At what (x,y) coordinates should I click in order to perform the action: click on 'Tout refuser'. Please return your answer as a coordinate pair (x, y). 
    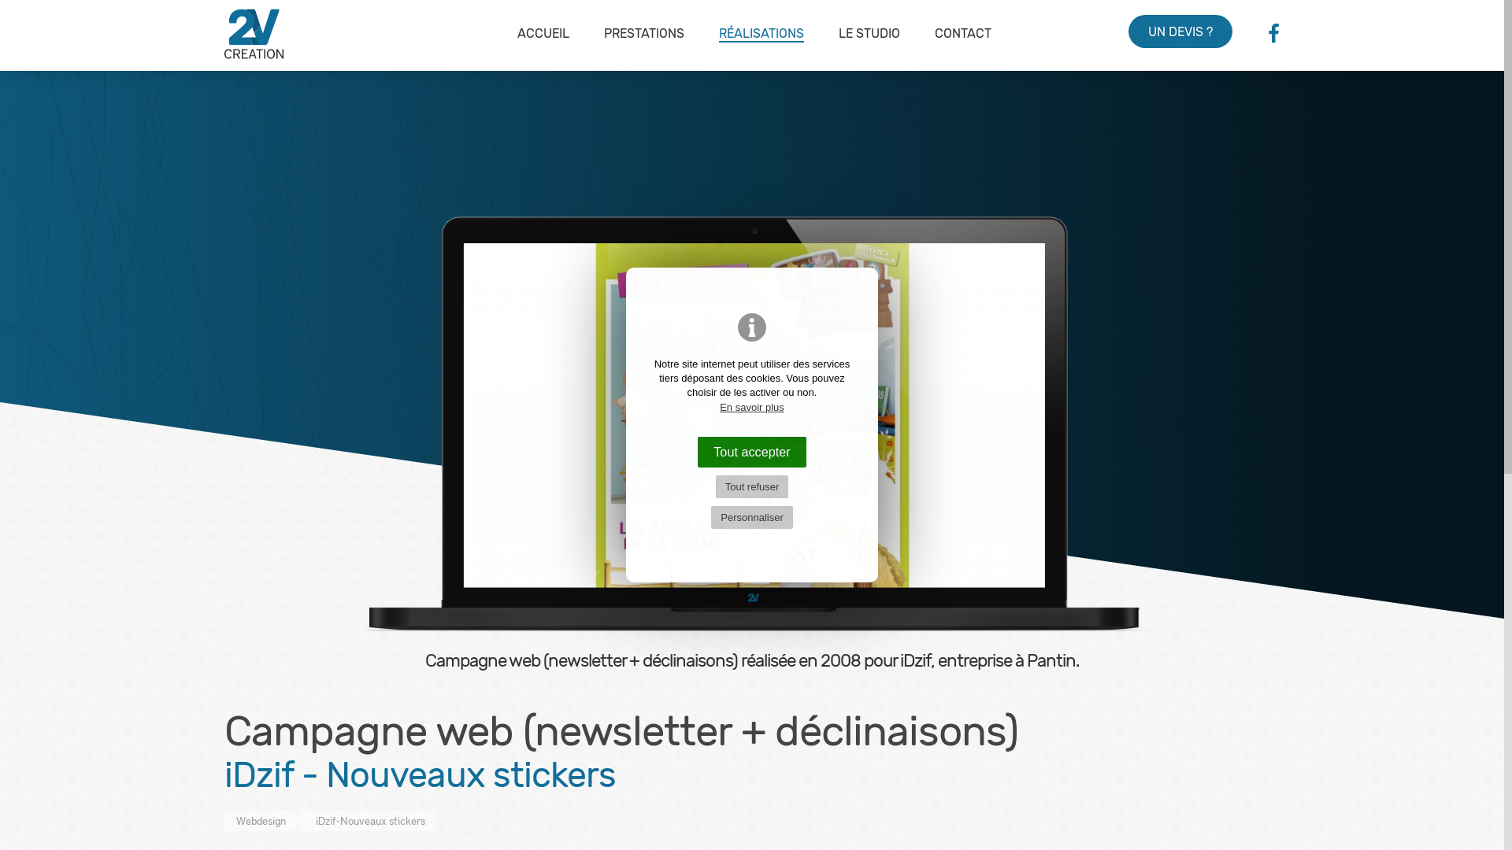
    Looking at the image, I should click on (714, 486).